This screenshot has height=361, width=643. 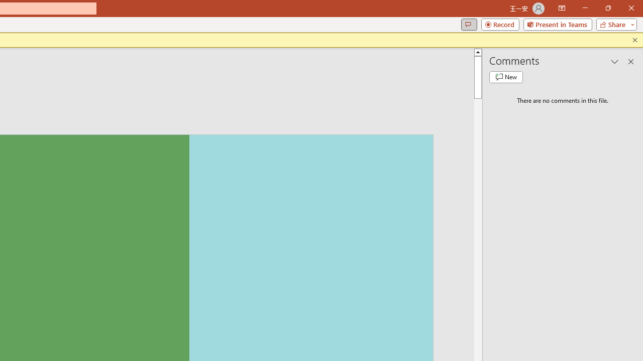 I want to click on 'Close this message', so click(x=634, y=40).